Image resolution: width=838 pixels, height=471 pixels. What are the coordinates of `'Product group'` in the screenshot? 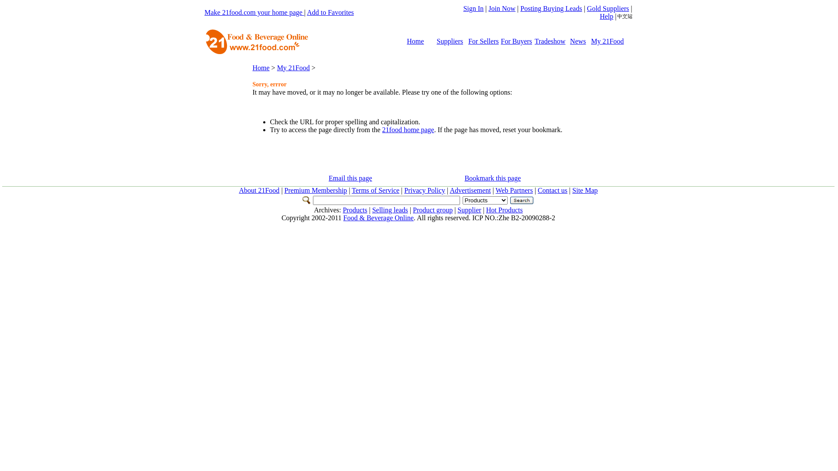 It's located at (433, 210).